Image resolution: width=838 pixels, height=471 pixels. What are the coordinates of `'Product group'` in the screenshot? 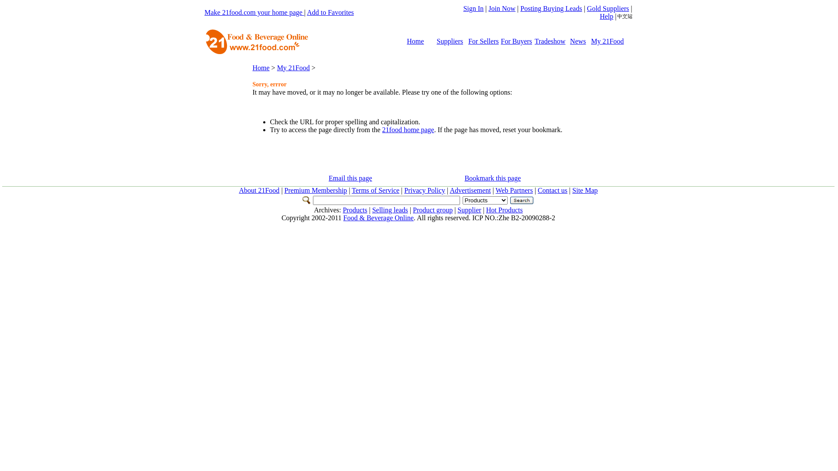 It's located at (433, 210).